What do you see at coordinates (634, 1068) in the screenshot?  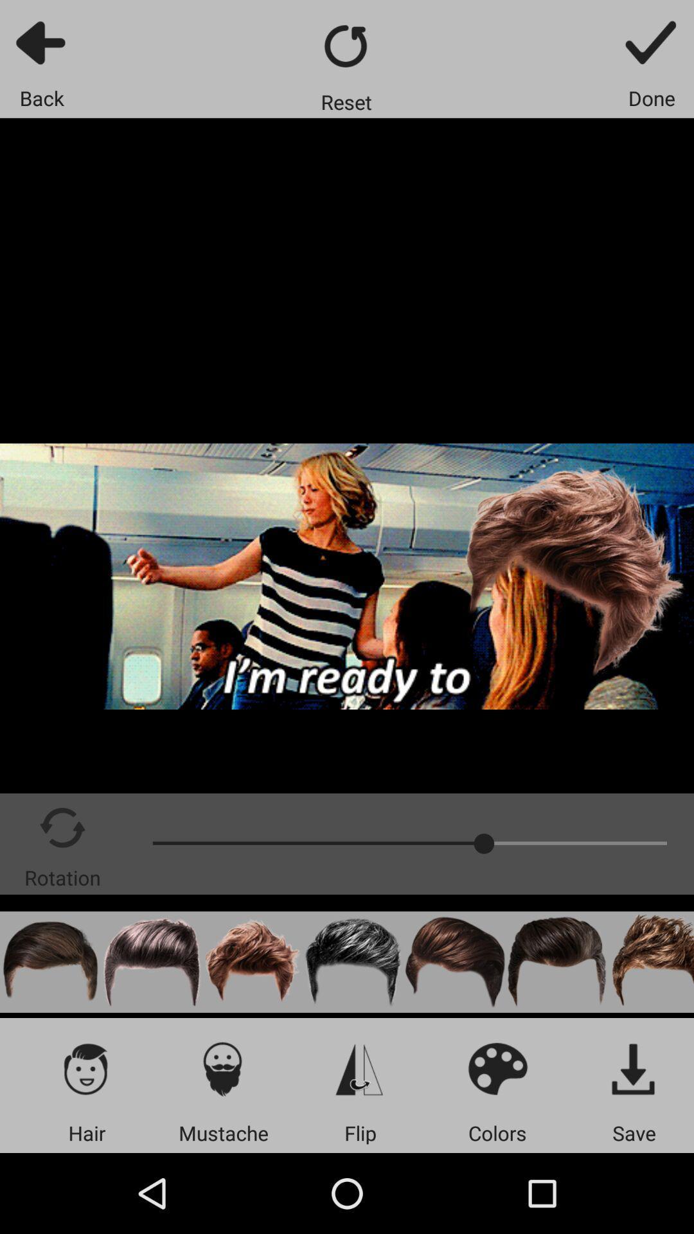 I see `image` at bounding box center [634, 1068].